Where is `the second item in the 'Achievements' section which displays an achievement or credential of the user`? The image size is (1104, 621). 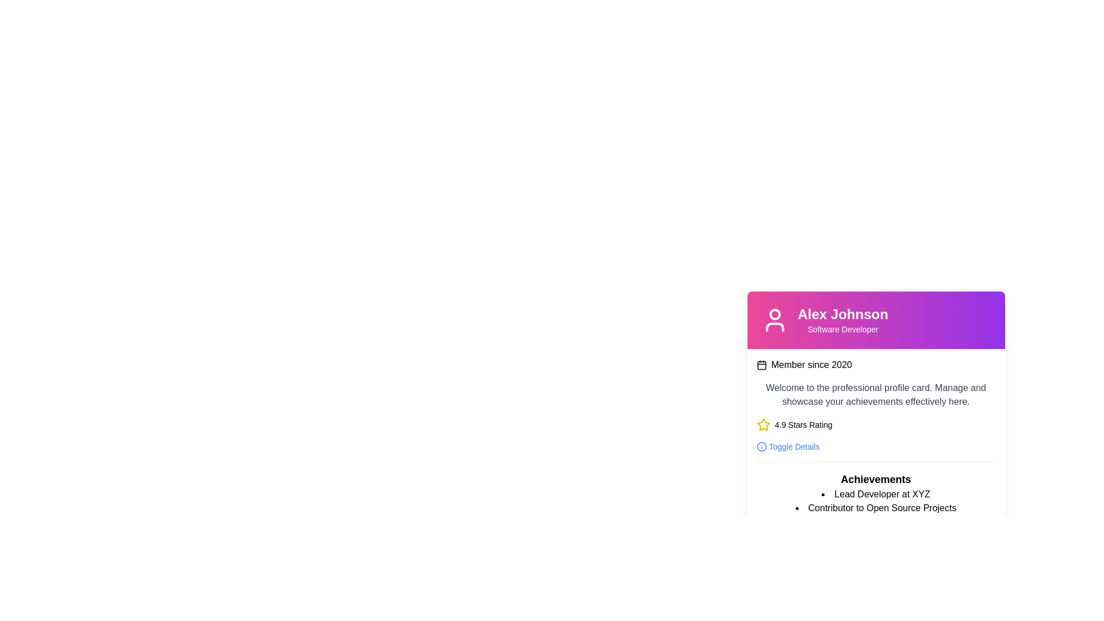 the second item in the 'Achievements' section which displays an achievement or credential of the user is located at coordinates (875, 507).